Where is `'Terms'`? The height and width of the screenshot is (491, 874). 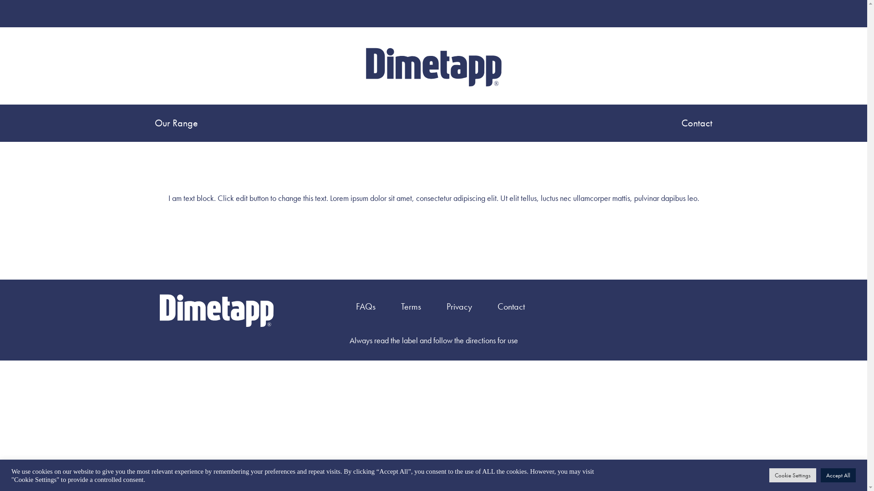 'Terms' is located at coordinates (410, 306).